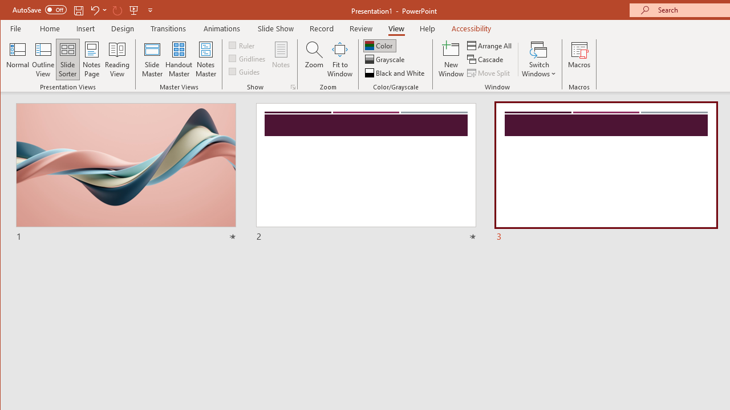 This screenshot has width=730, height=410. What do you see at coordinates (386, 59) in the screenshot?
I see `'Grayscale'` at bounding box center [386, 59].